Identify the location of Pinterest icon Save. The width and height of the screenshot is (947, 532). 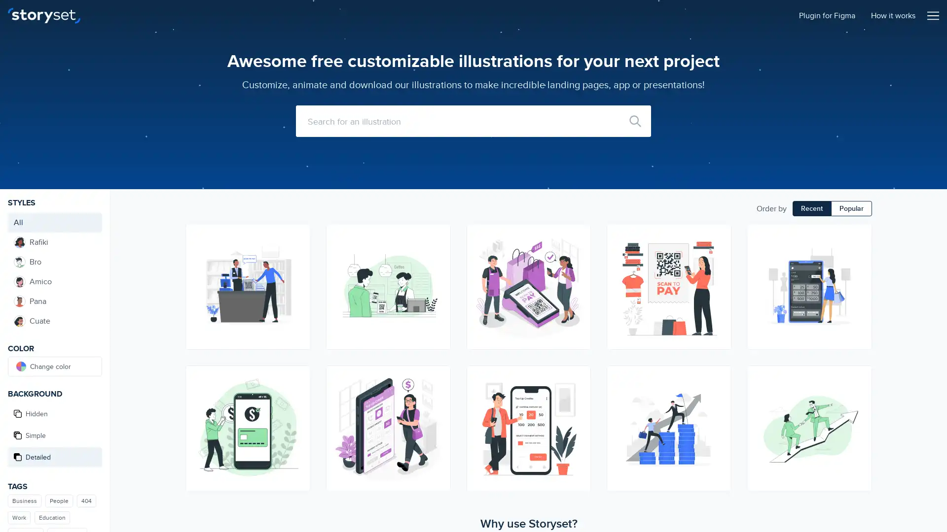
(297, 271).